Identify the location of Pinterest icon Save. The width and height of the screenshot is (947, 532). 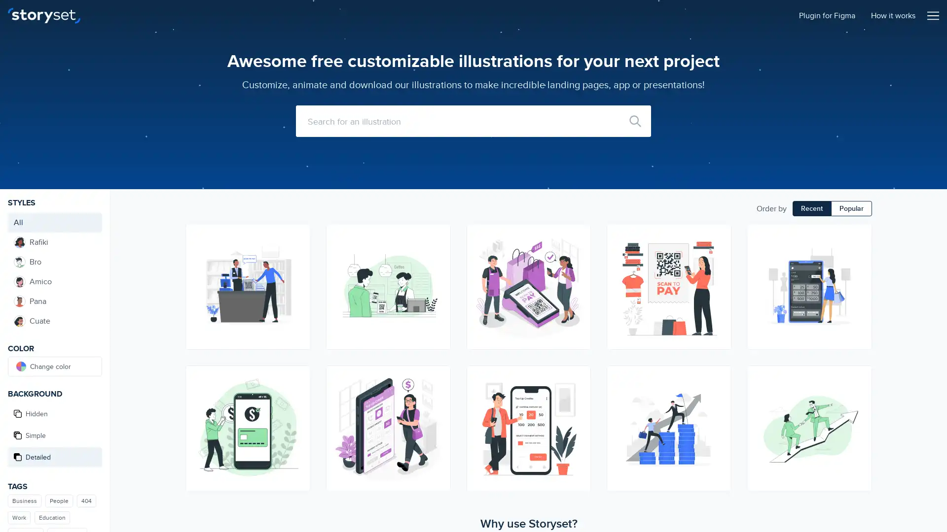
(297, 271).